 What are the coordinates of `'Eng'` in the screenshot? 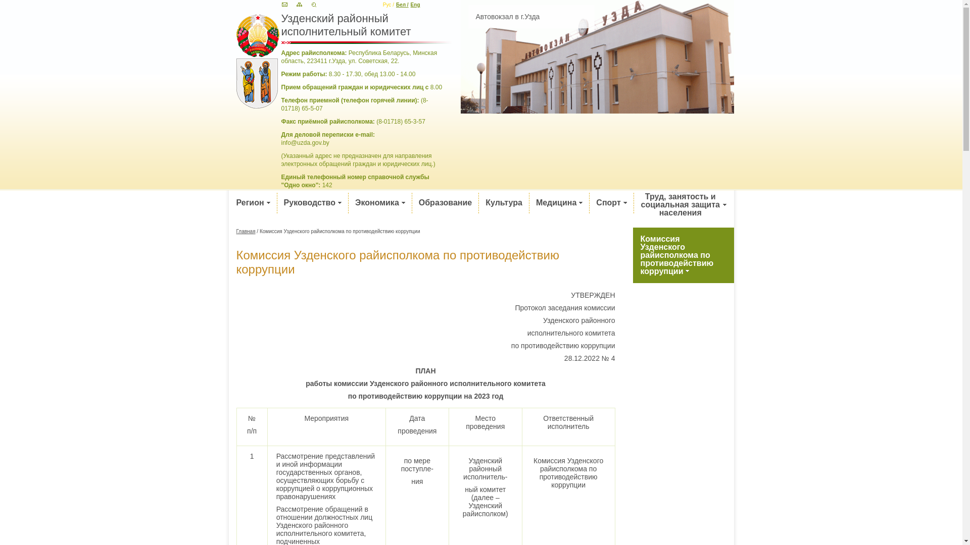 It's located at (415, 5).